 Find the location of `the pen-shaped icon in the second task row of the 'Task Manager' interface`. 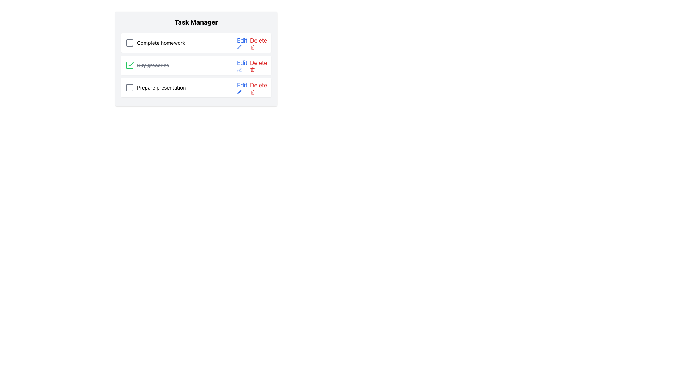

the pen-shaped icon in the second task row of the 'Task Manager' interface is located at coordinates (240, 47).